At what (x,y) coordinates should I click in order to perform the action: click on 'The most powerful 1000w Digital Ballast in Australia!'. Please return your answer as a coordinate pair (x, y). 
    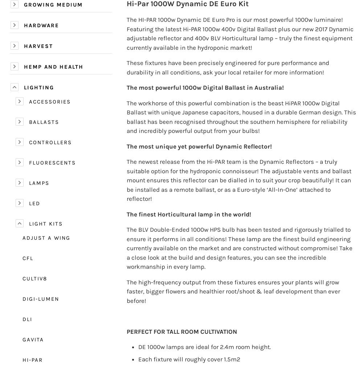
    Looking at the image, I should click on (205, 87).